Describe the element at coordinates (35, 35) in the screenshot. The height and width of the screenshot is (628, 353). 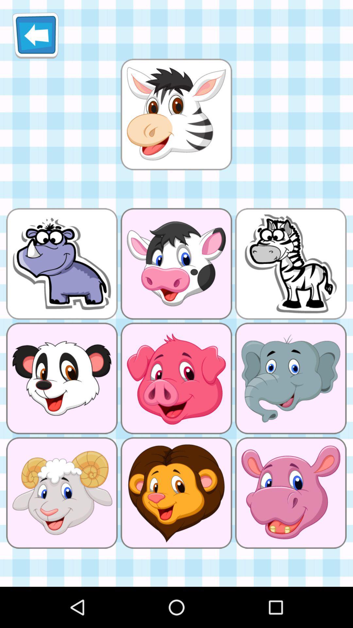
I see `back to previous screen` at that location.